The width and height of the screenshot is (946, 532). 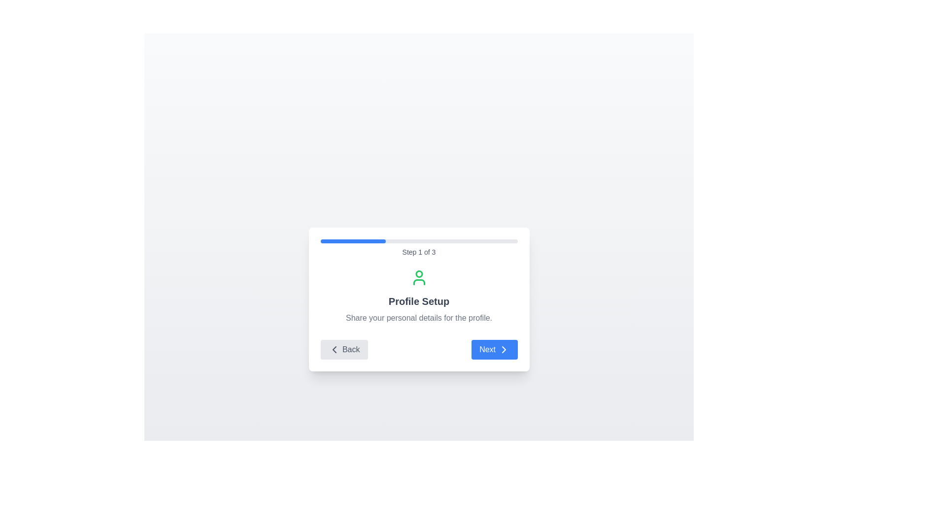 What do you see at coordinates (419, 274) in the screenshot?
I see `the green circular SVG element that is part of an icon or graphic, located at the center-top of a card-like layout` at bounding box center [419, 274].